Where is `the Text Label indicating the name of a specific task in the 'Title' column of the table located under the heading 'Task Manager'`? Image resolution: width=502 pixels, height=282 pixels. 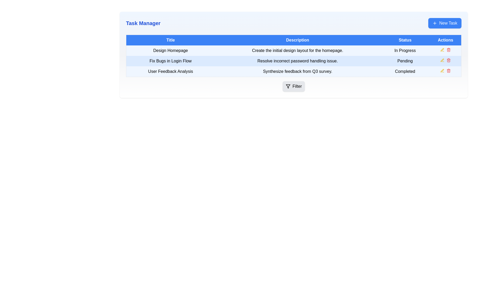
the Text Label indicating the name of a specific task in the 'Title' column of the table located under the heading 'Task Manager' is located at coordinates (170, 50).